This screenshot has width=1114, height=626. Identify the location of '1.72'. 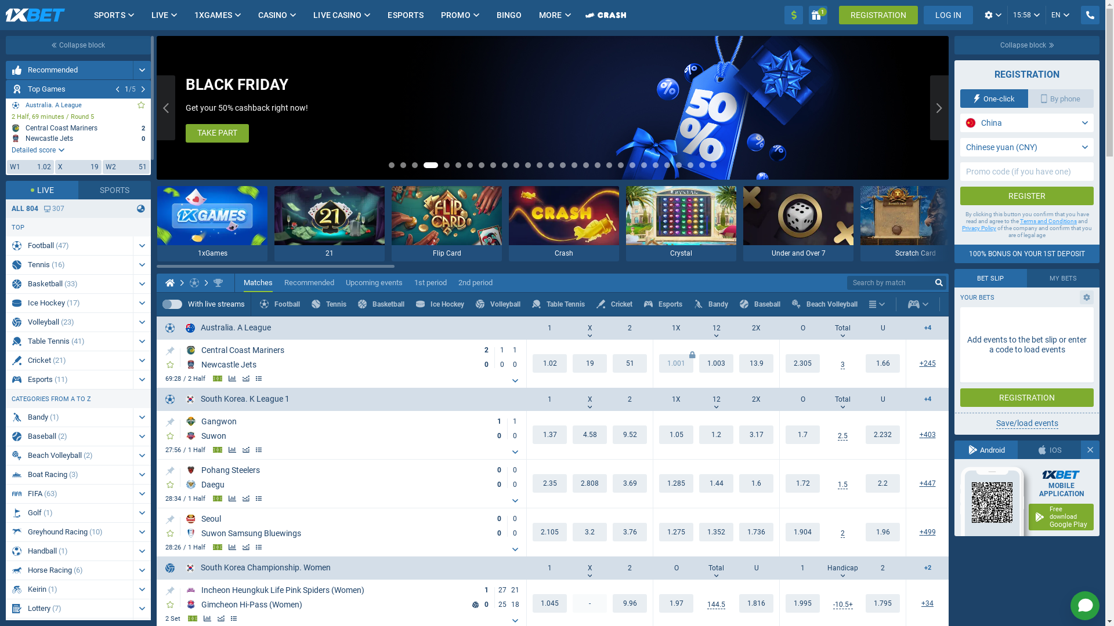
(785, 483).